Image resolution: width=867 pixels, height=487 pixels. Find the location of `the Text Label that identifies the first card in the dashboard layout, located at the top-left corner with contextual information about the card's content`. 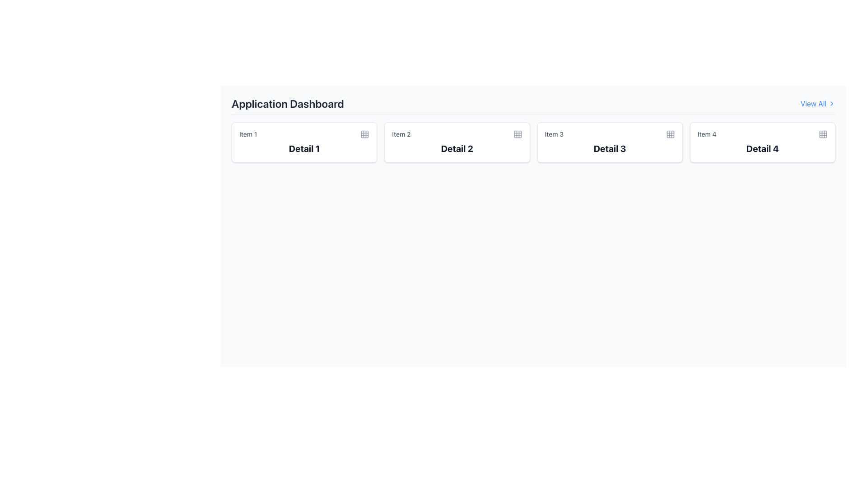

the Text Label that identifies the first card in the dashboard layout, located at the top-left corner with contextual information about the card's content is located at coordinates (248, 134).